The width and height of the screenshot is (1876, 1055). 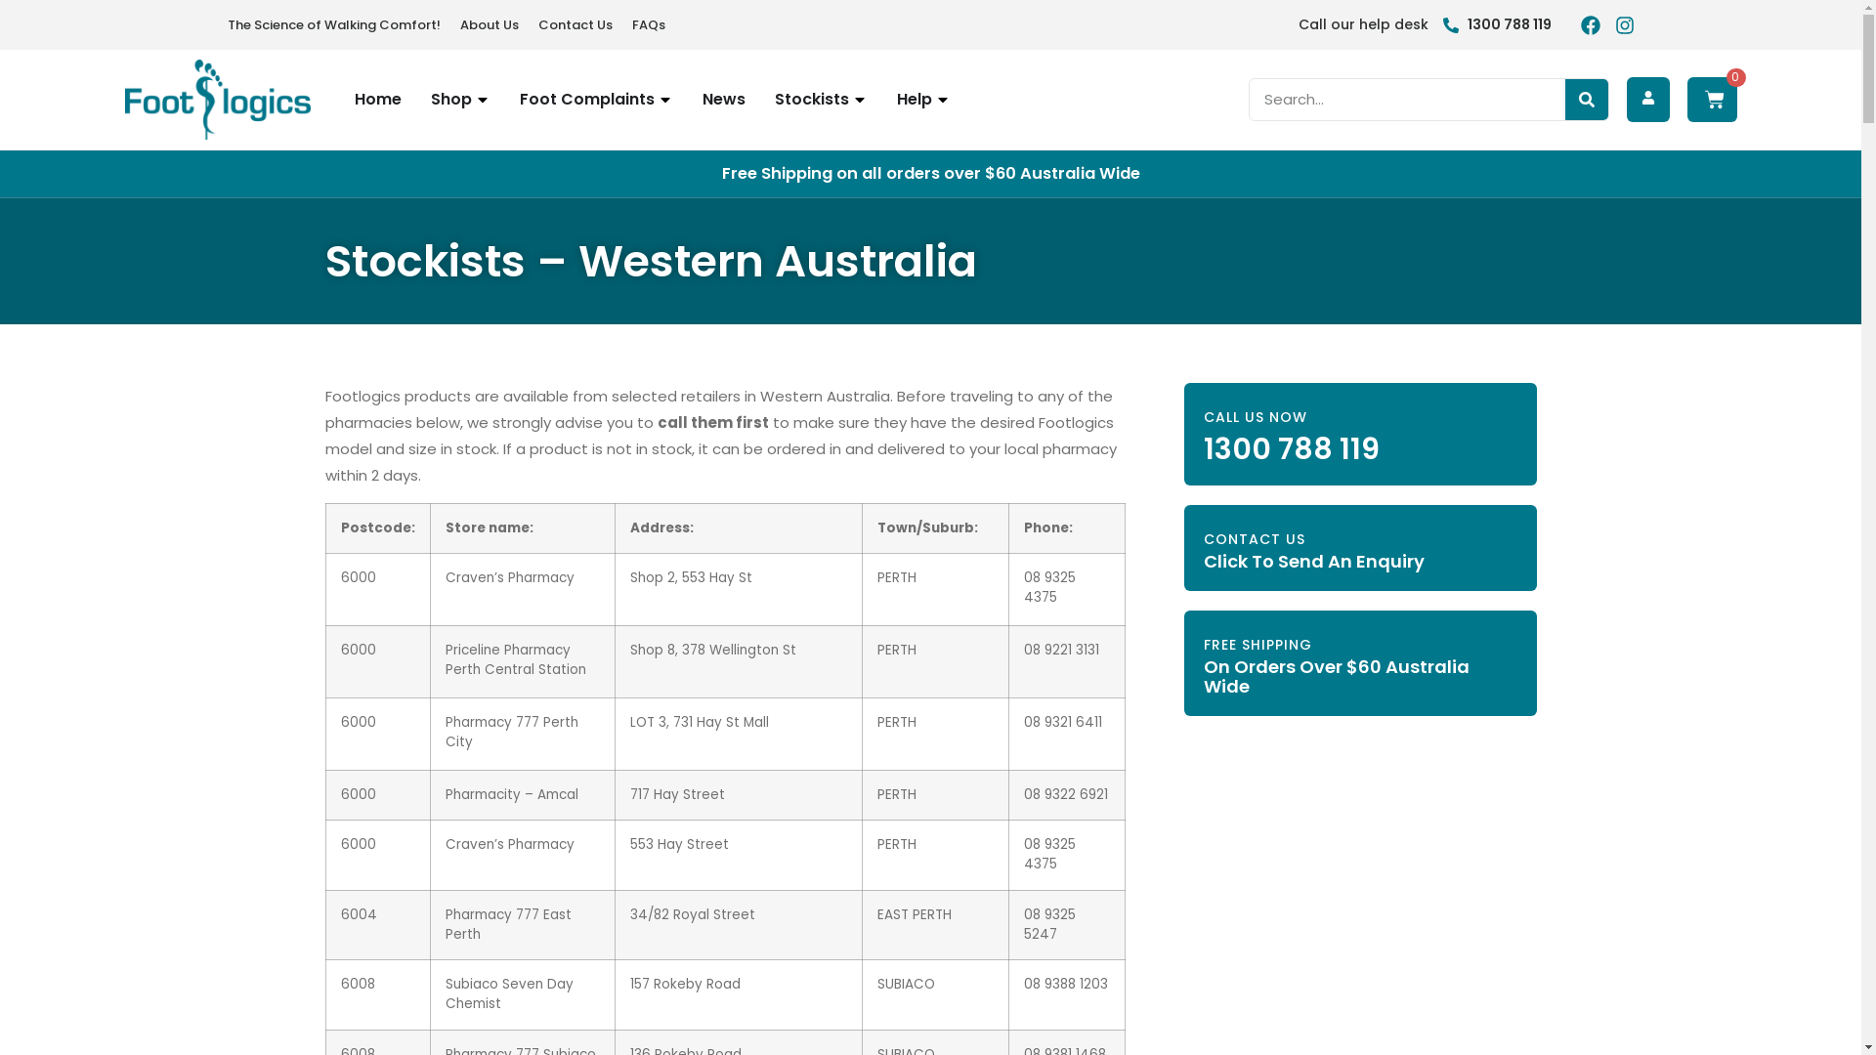 I want to click on 'Contact Us', so click(x=574, y=24).